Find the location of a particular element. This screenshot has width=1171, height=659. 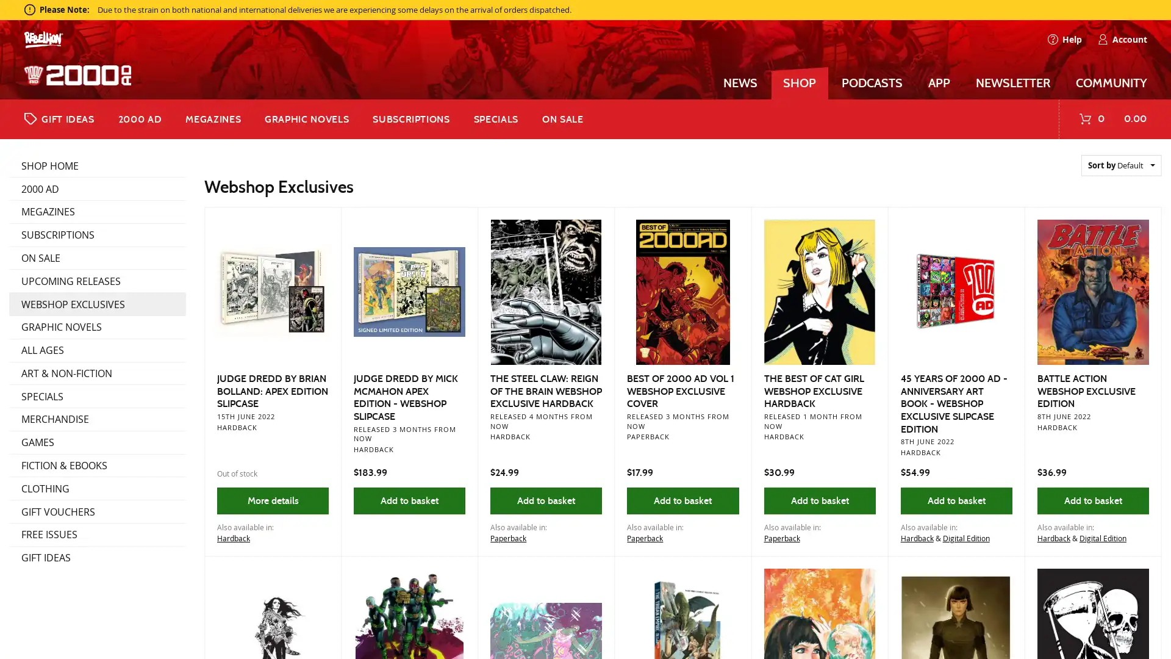

Digital Edition is located at coordinates (965, 538).